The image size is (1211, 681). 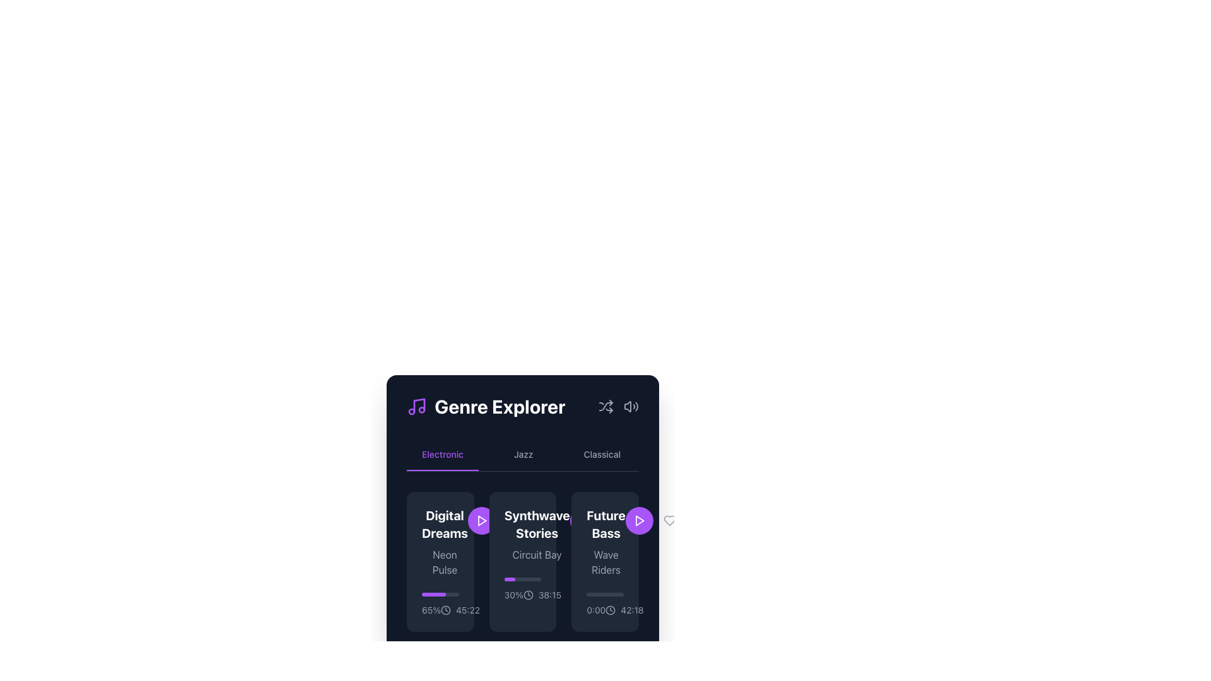 What do you see at coordinates (446, 610) in the screenshot?
I see `the clock icon located to the left of the '45:22' text and beneath the '65%' progress label within the 'Digital Dreams' card` at bounding box center [446, 610].